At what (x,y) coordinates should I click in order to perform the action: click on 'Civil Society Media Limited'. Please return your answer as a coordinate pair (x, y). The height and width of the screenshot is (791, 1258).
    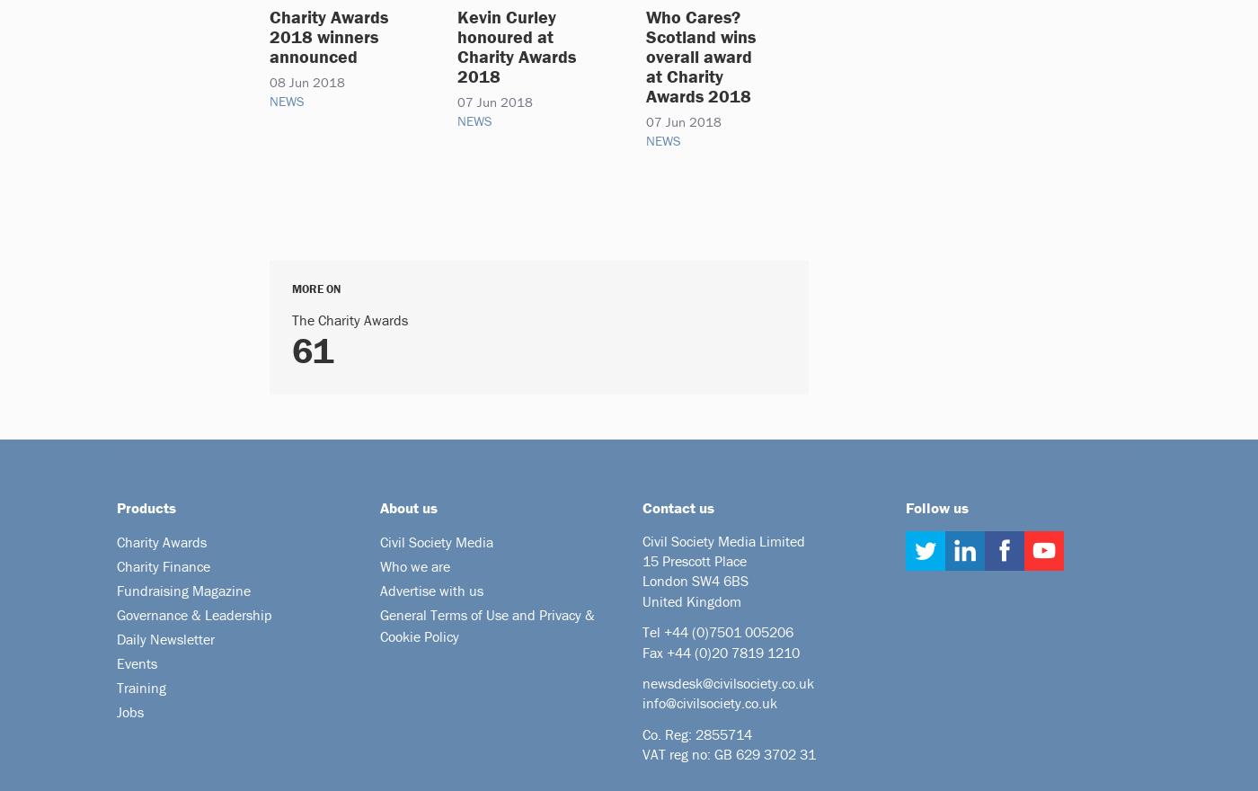
    Looking at the image, I should click on (722, 539).